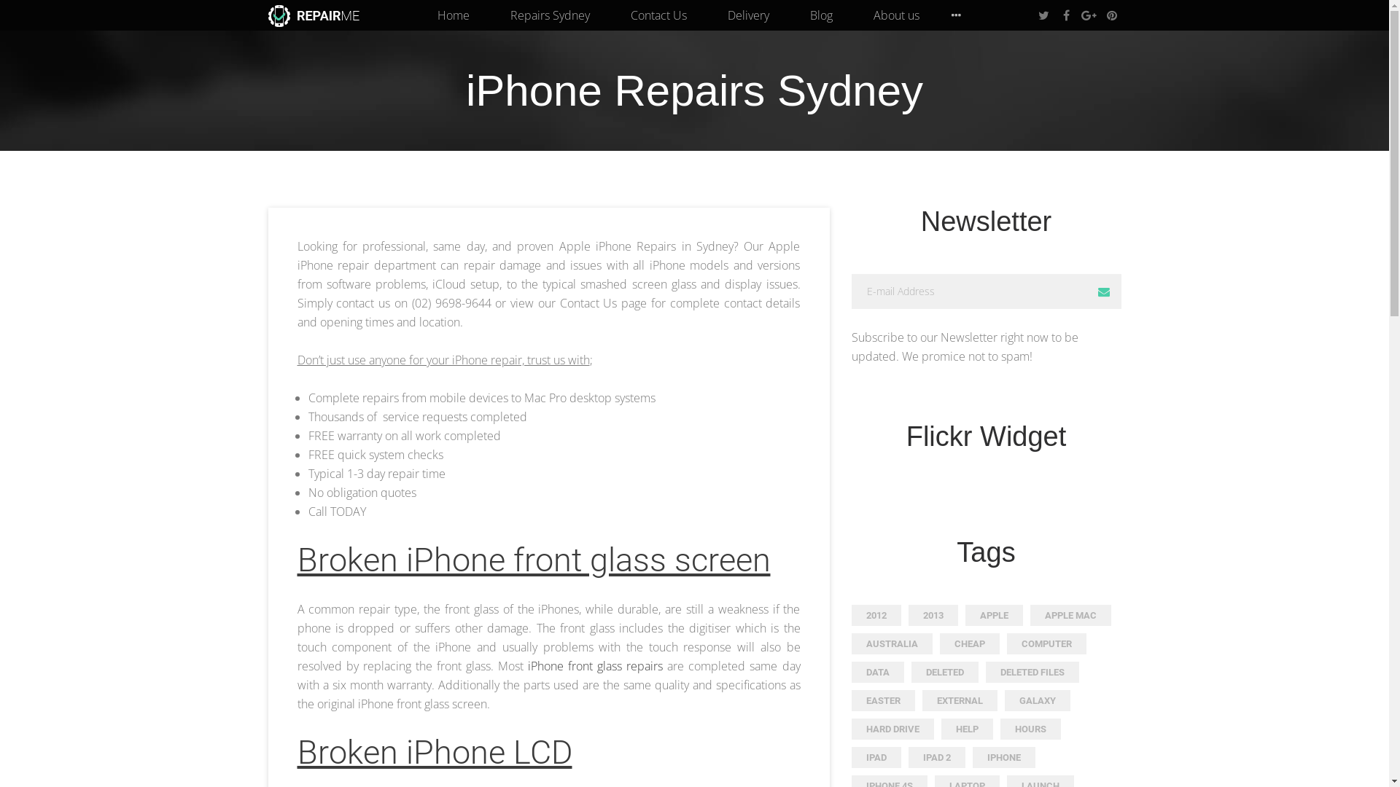 The width and height of the screenshot is (1400, 787). What do you see at coordinates (851, 672) in the screenshot?
I see `'DATA'` at bounding box center [851, 672].